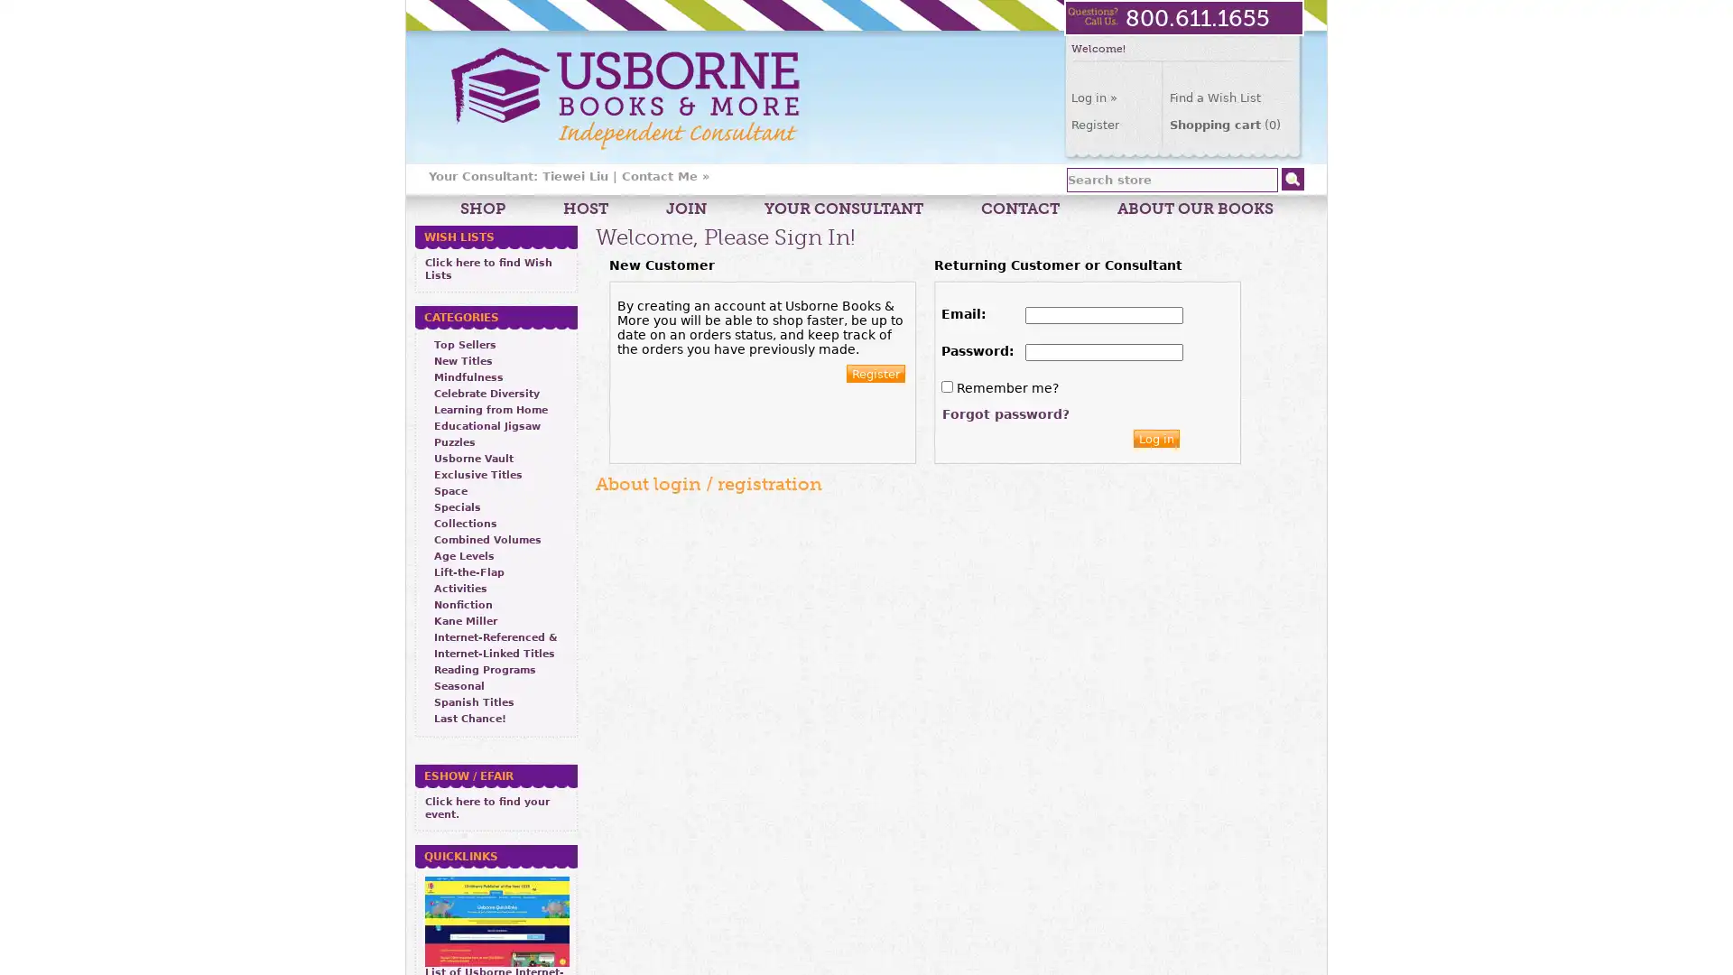 This screenshot has width=1733, height=975. I want to click on Register, so click(876, 372).